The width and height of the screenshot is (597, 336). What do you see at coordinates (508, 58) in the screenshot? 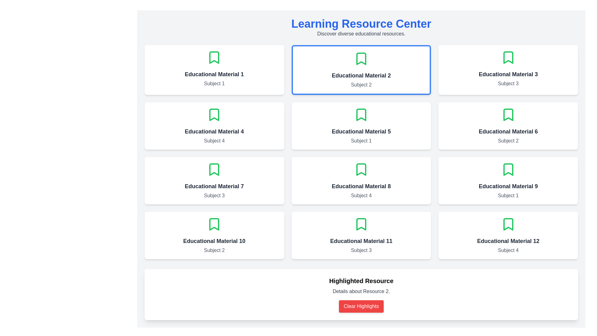
I see `the bookmark-shaped icon with a green outline located in the top-right corner of the card labeled 'Educational Material 3'` at bounding box center [508, 58].